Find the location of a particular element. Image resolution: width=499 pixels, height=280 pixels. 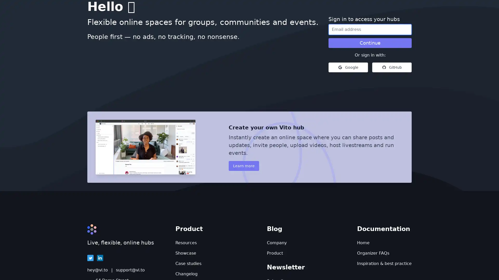

Continue is located at coordinates (370, 43).